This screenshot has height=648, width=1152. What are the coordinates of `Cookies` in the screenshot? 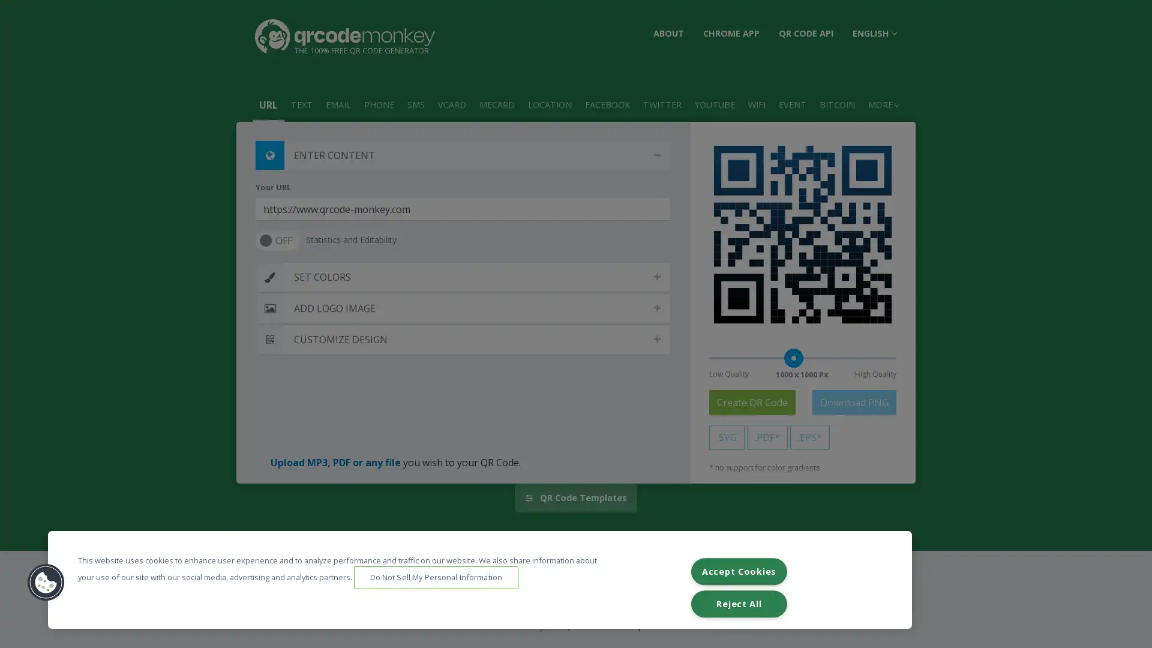 It's located at (46, 582).